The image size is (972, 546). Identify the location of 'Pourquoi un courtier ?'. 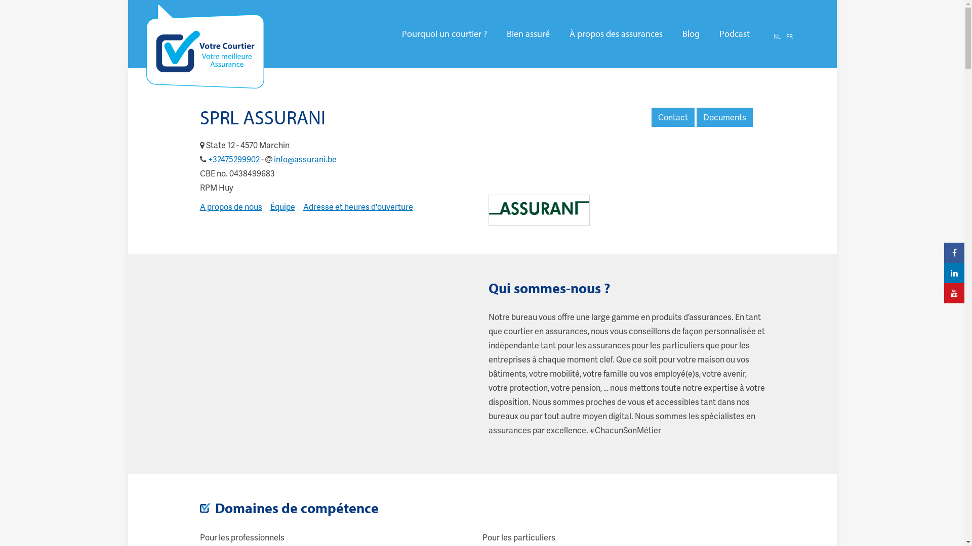
(396, 33).